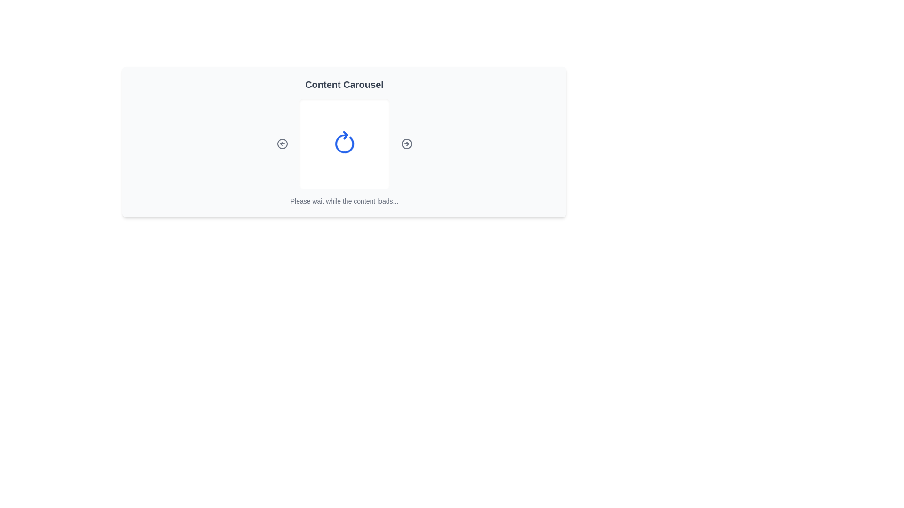 The image size is (904, 508). Describe the element at coordinates (406, 143) in the screenshot. I see `the central circular component of the right-pointing arrow icon located at the right side of the carousel interface` at that location.